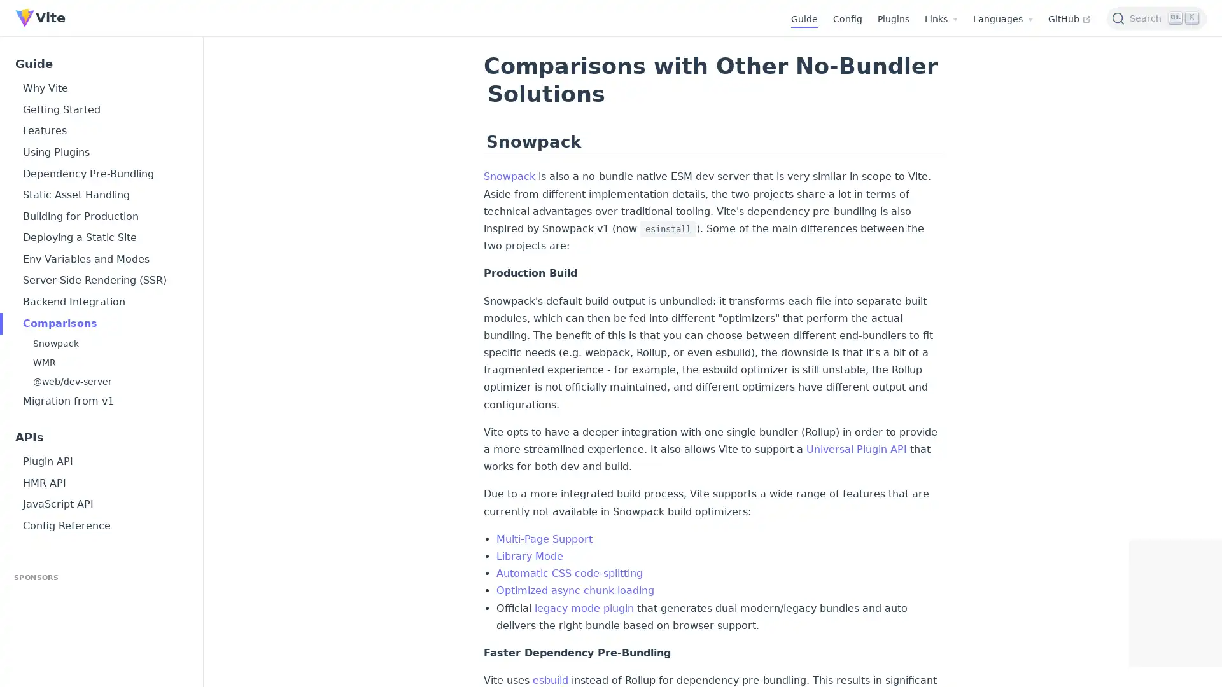 The height and width of the screenshot is (687, 1222). What do you see at coordinates (1156, 17) in the screenshot?
I see `Search` at bounding box center [1156, 17].